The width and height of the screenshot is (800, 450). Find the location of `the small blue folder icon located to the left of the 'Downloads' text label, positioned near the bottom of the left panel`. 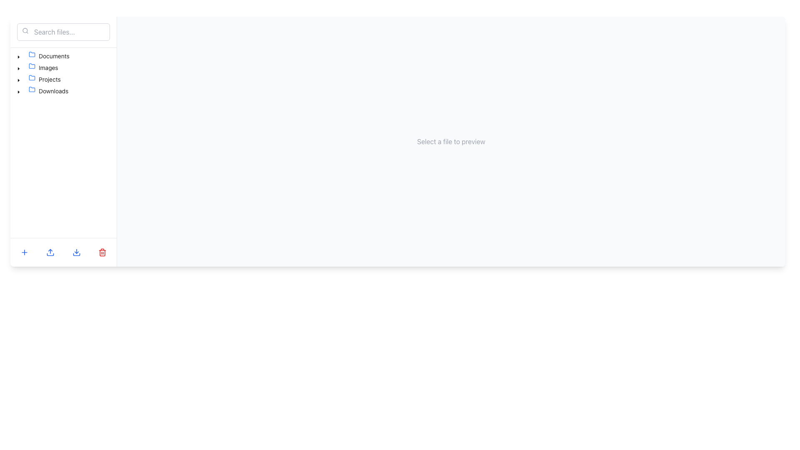

the small blue folder icon located to the left of the 'Downloads' text label, positioned near the bottom of the left panel is located at coordinates (33, 91).